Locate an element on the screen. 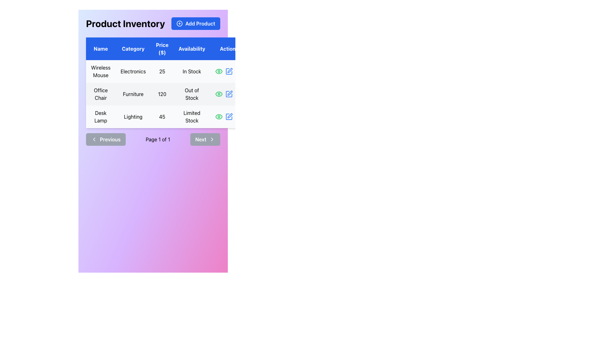 Image resolution: width=605 pixels, height=340 pixels. the navigation button located at the bottom-right section of the interface is located at coordinates (205, 139).